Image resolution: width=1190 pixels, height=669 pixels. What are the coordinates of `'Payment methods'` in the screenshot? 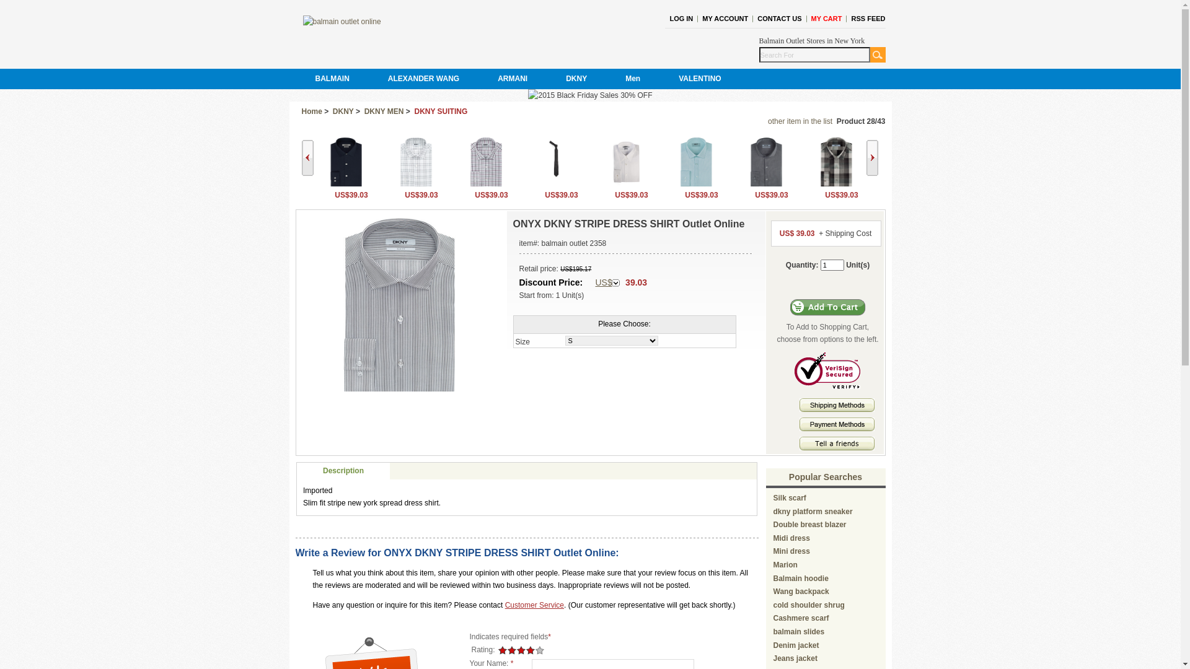 It's located at (837, 427).